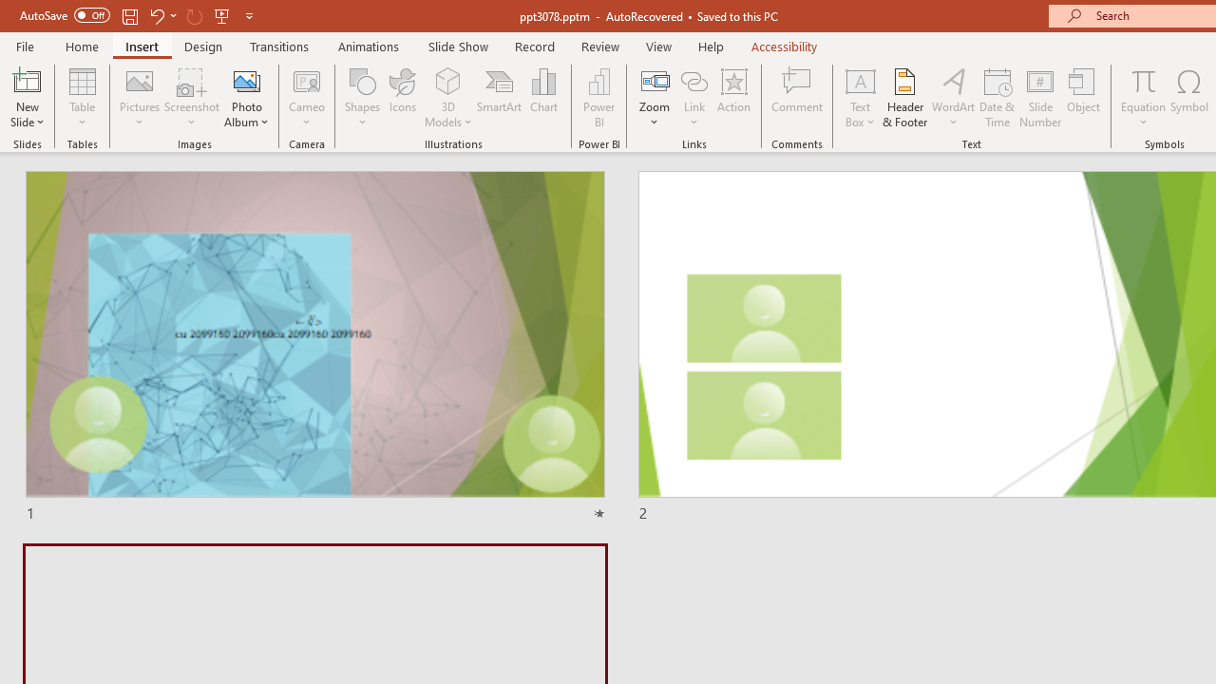 The height and width of the screenshot is (684, 1216). I want to click on 'Symbol...', so click(1188, 98).